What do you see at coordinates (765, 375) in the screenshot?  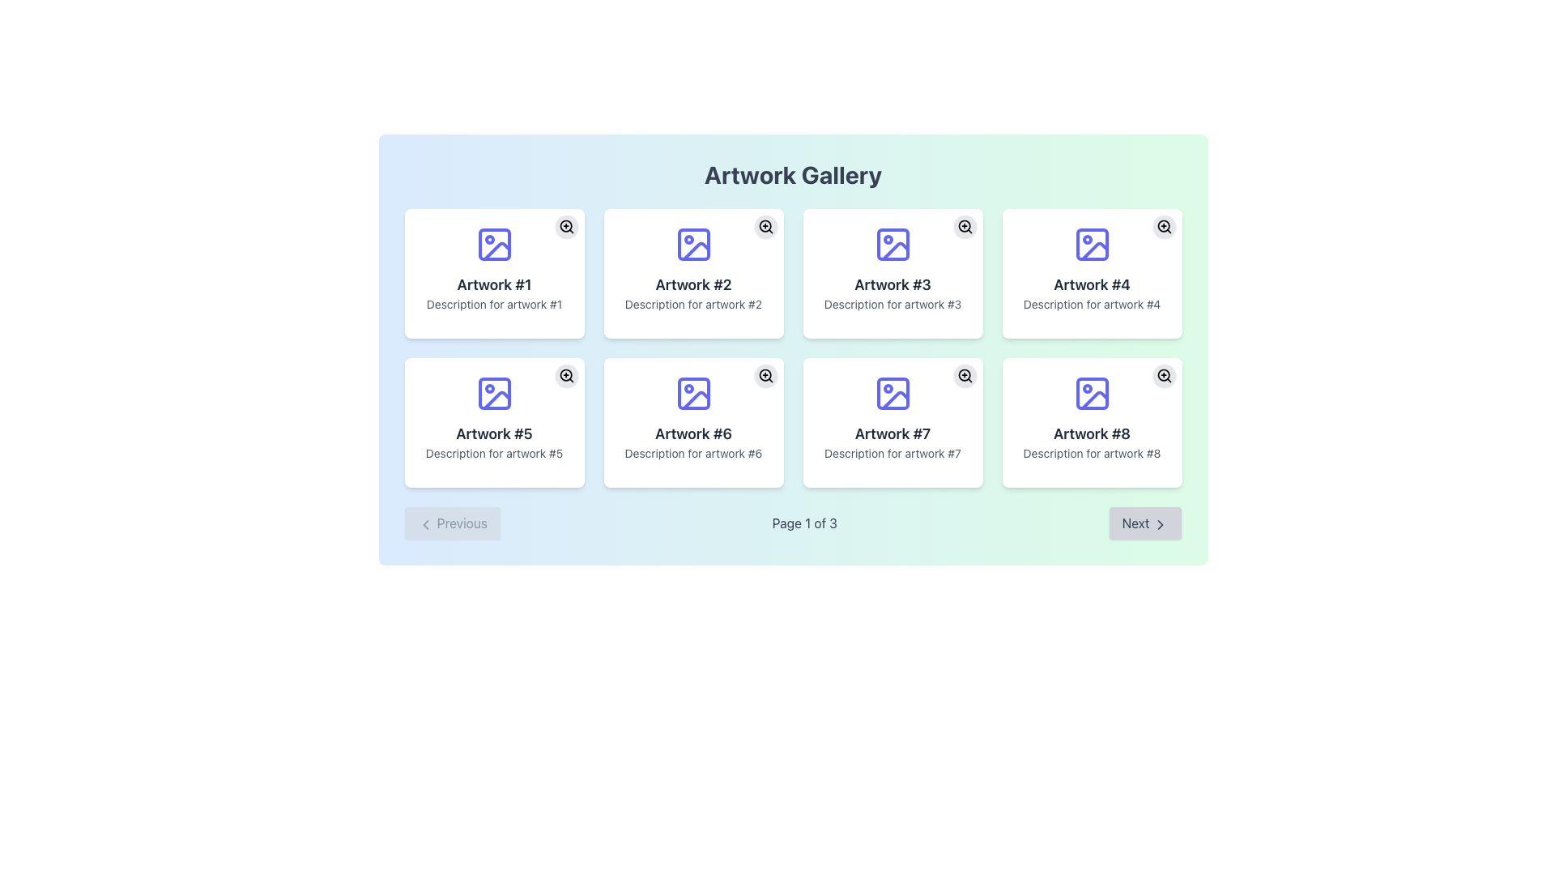 I see `the zoom-in control button, which is a circular button with a magnifying glass icon and a plus sign, located in the top-right corner of the card for 'Artwork #6'` at bounding box center [765, 375].